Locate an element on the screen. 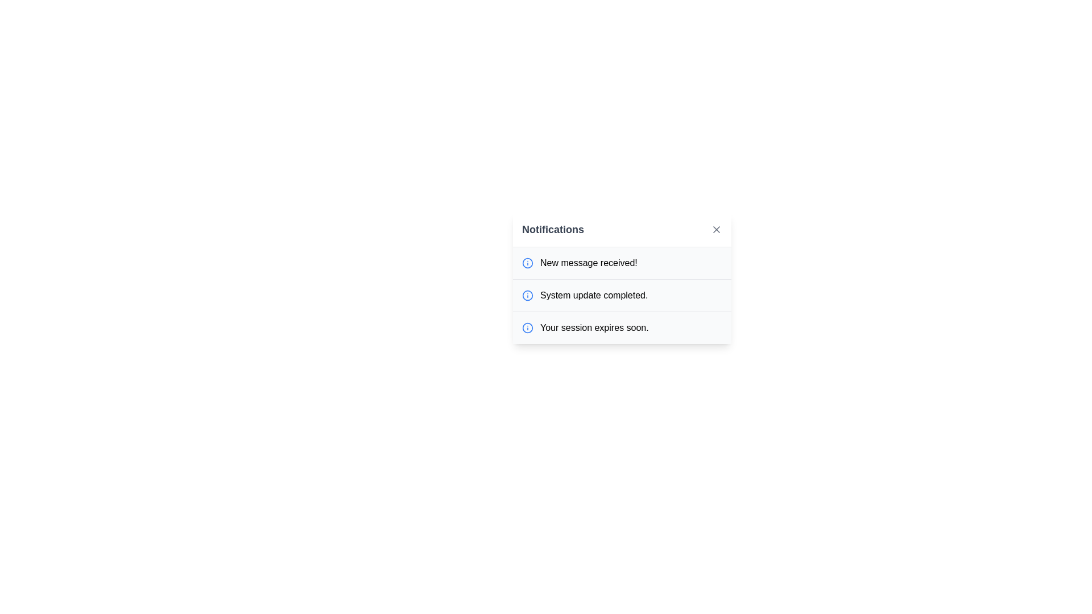 Image resolution: width=1092 pixels, height=614 pixels. the information icon located to the left of the text 'New message received!' in the notifications widget to interact with it is located at coordinates (527, 263).